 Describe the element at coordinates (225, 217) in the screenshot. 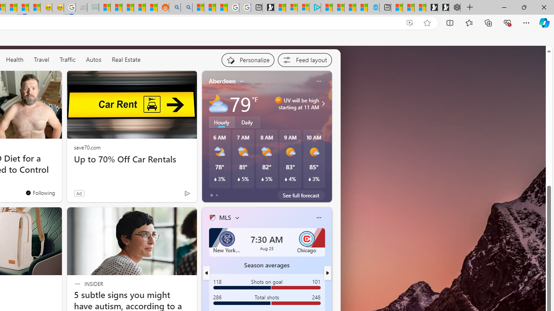

I see `'MLS'` at that location.